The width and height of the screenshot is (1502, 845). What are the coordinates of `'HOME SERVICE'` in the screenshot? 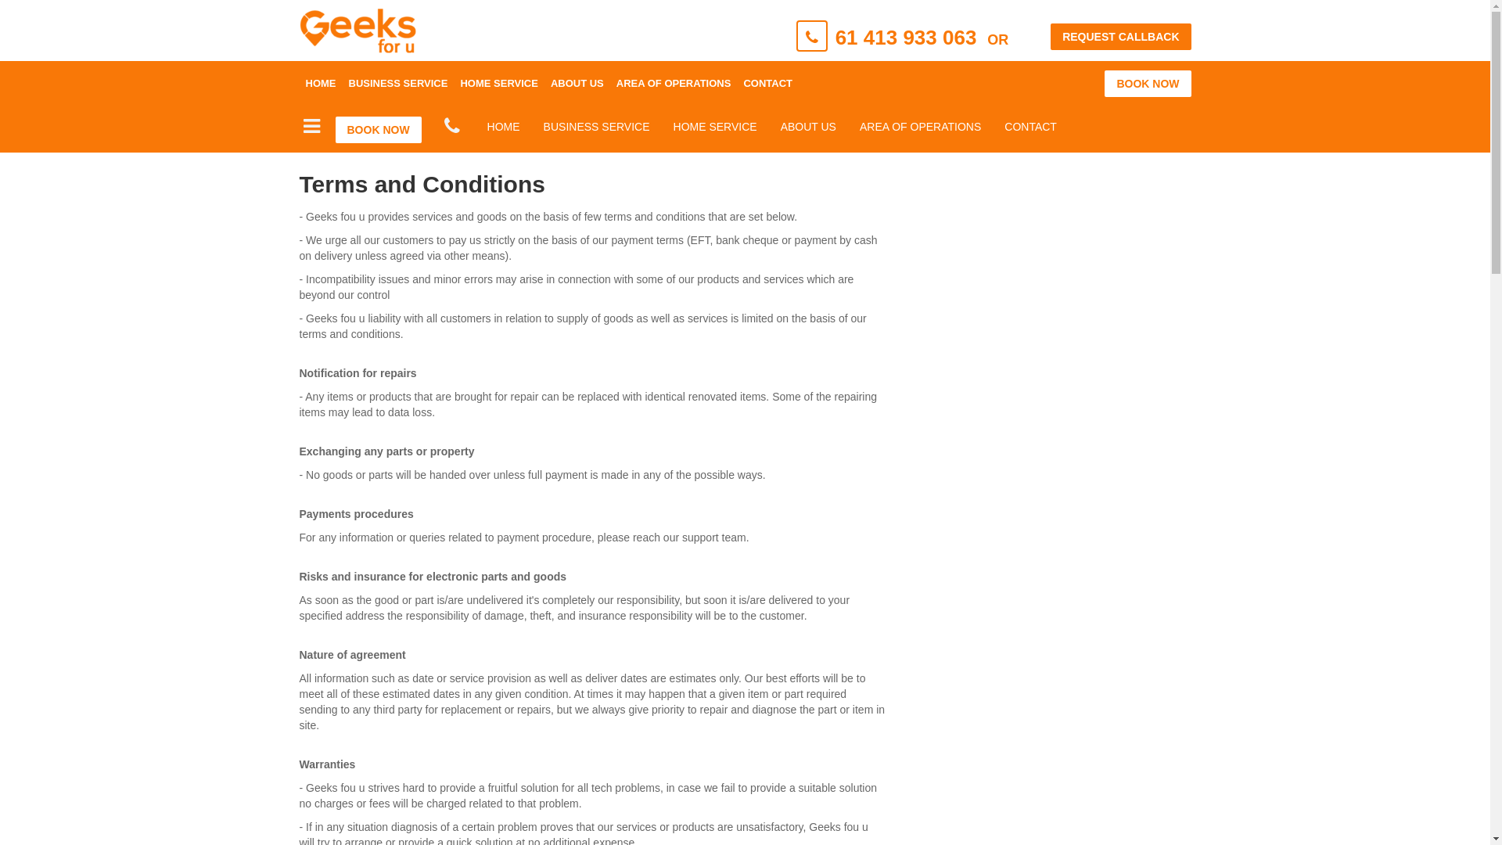 It's located at (453, 84).